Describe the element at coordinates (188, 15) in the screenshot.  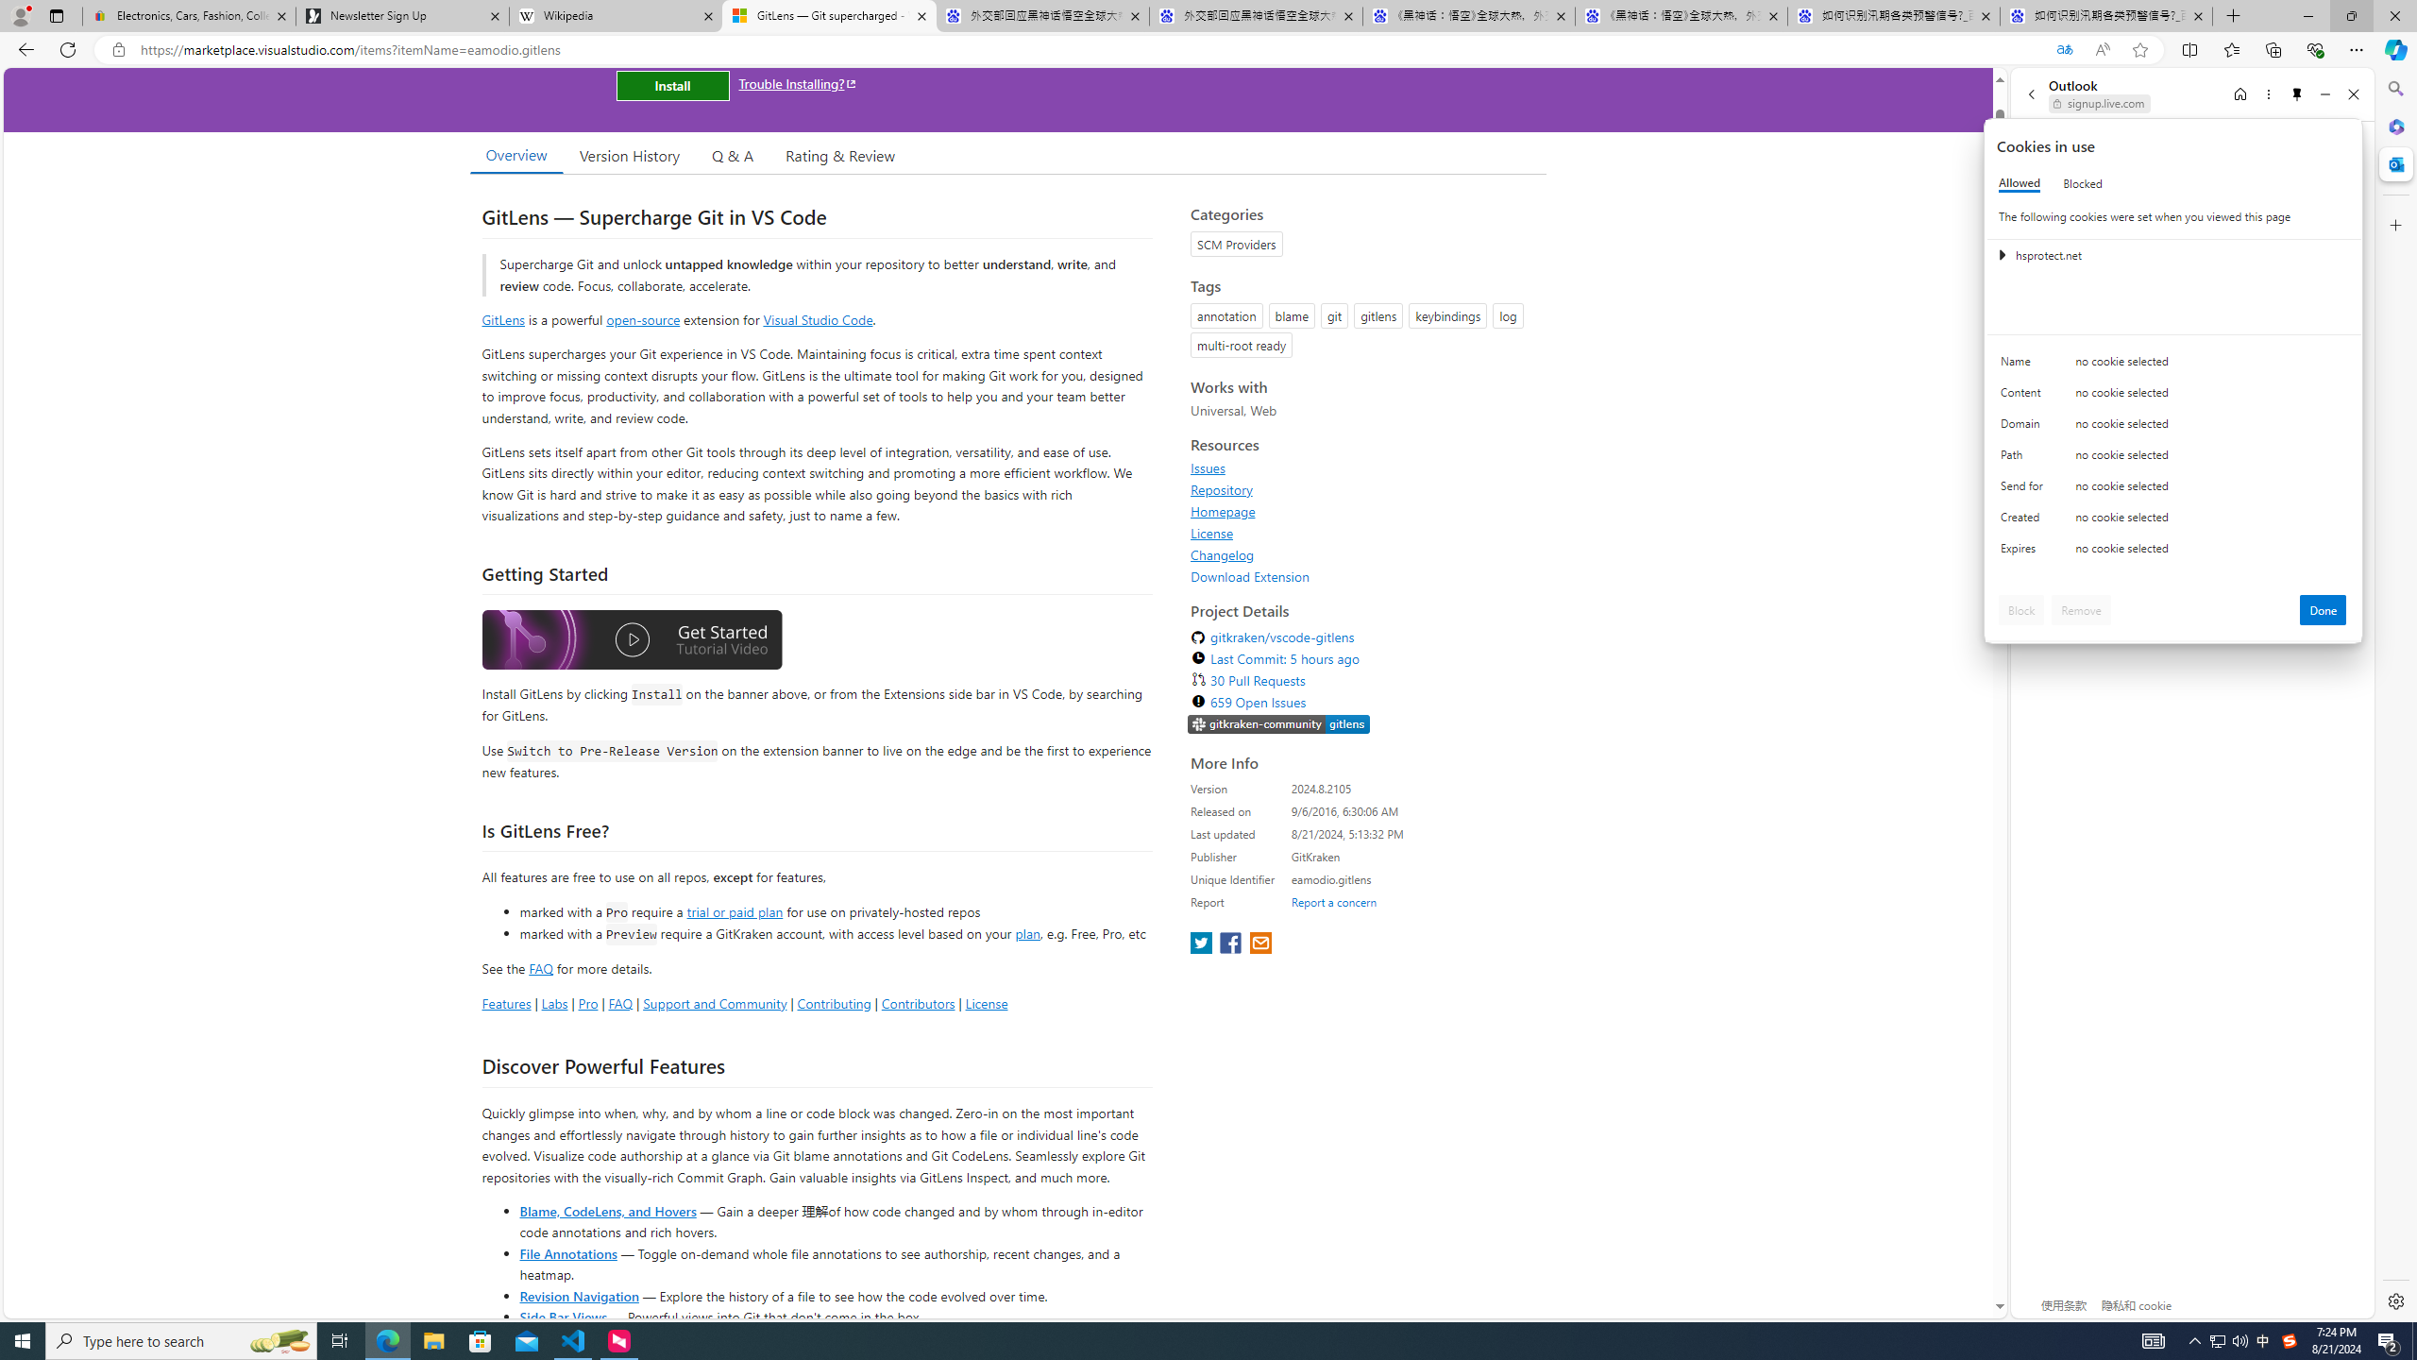
I see `'Electronics, Cars, Fashion, Collectibles & More | eBay'` at that location.